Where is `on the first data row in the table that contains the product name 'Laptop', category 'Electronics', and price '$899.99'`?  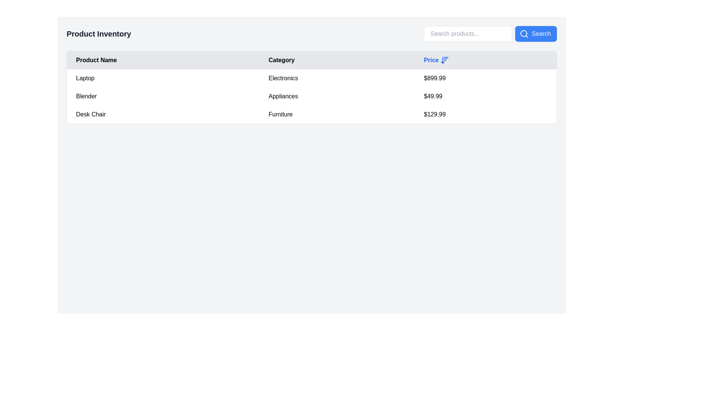 on the first data row in the table that contains the product name 'Laptop', category 'Electronics', and price '$899.99' is located at coordinates (312, 78).